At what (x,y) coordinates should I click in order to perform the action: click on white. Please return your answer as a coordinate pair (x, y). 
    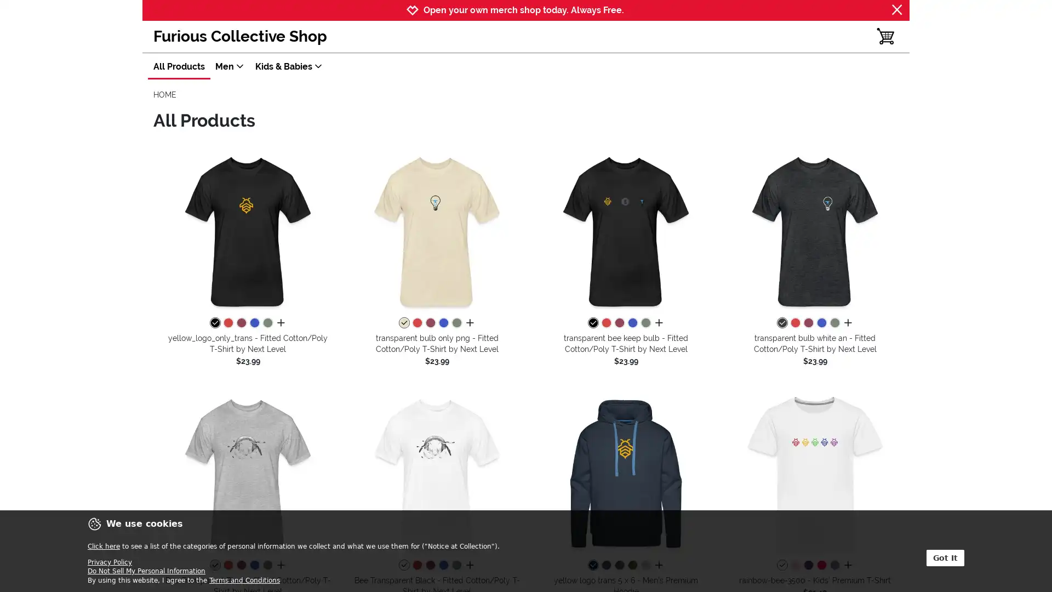
    Looking at the image, I should click on (781, 566).